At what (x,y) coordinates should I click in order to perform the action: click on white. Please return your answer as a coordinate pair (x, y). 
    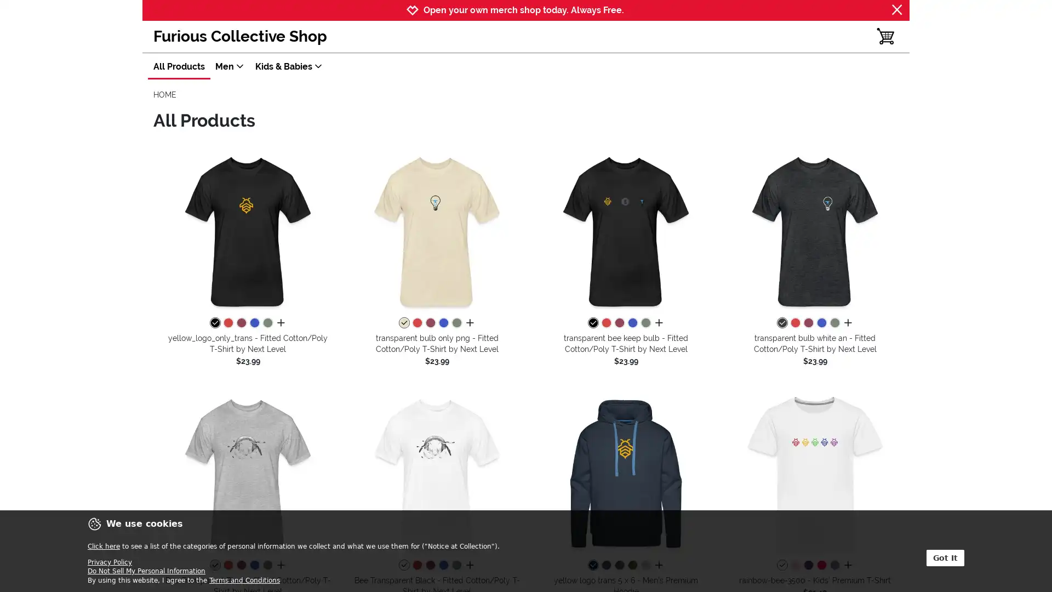
    Looking at the image, I should click on (781, 566).